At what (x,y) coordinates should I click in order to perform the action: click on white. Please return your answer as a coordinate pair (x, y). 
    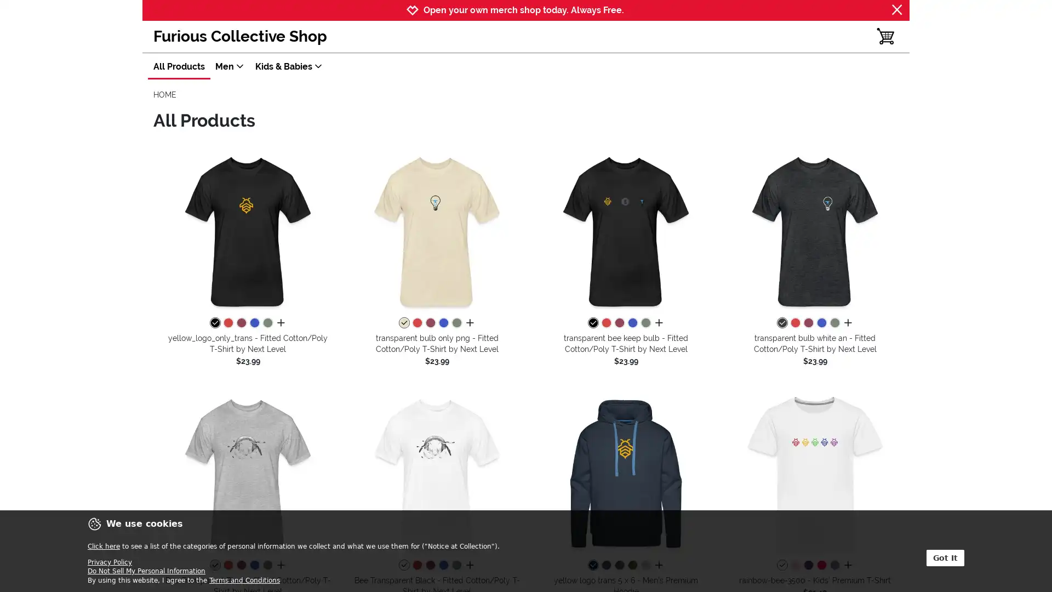
    Looking at the image, I should click on (781, 566).